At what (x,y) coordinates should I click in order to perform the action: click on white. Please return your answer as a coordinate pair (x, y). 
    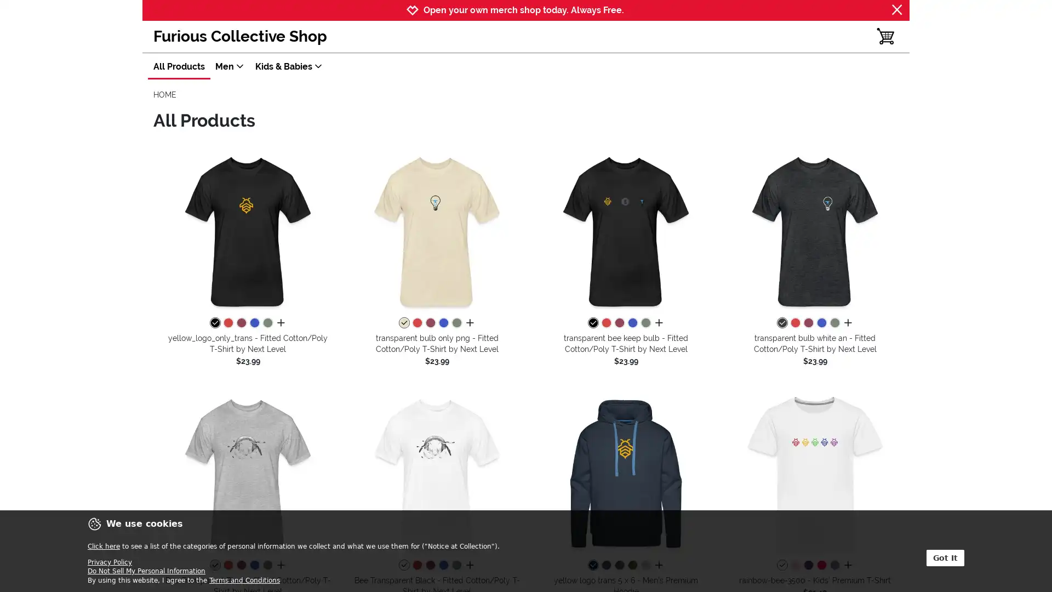
    Looking at the image, I should click on (781, 566).